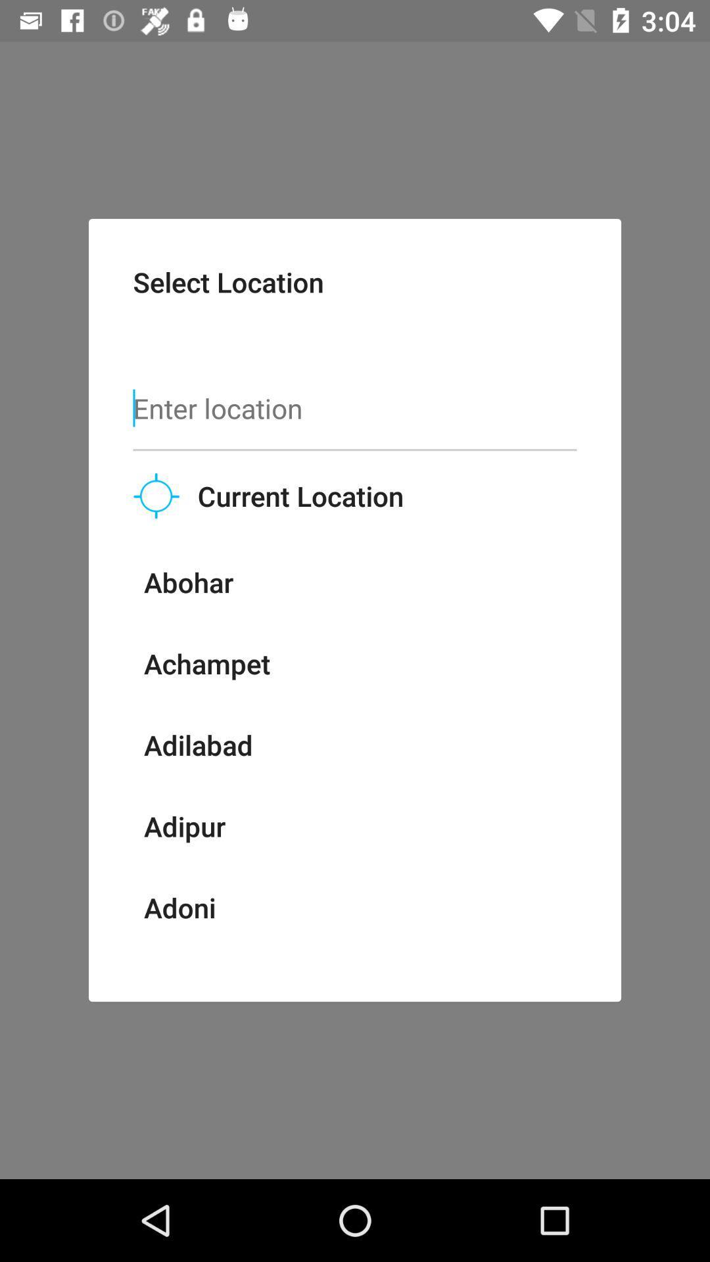 Image resolution: width=710 pixels, height=1262 pixels. I want to click on the achampet icon, so click(207, 663).